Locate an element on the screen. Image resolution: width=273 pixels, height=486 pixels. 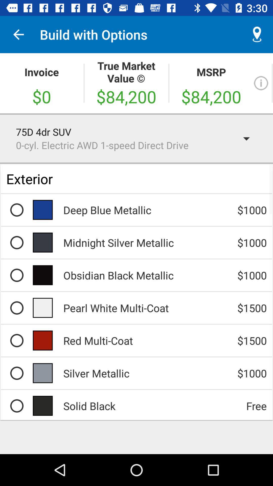
info is located at coordinates (261, 83).